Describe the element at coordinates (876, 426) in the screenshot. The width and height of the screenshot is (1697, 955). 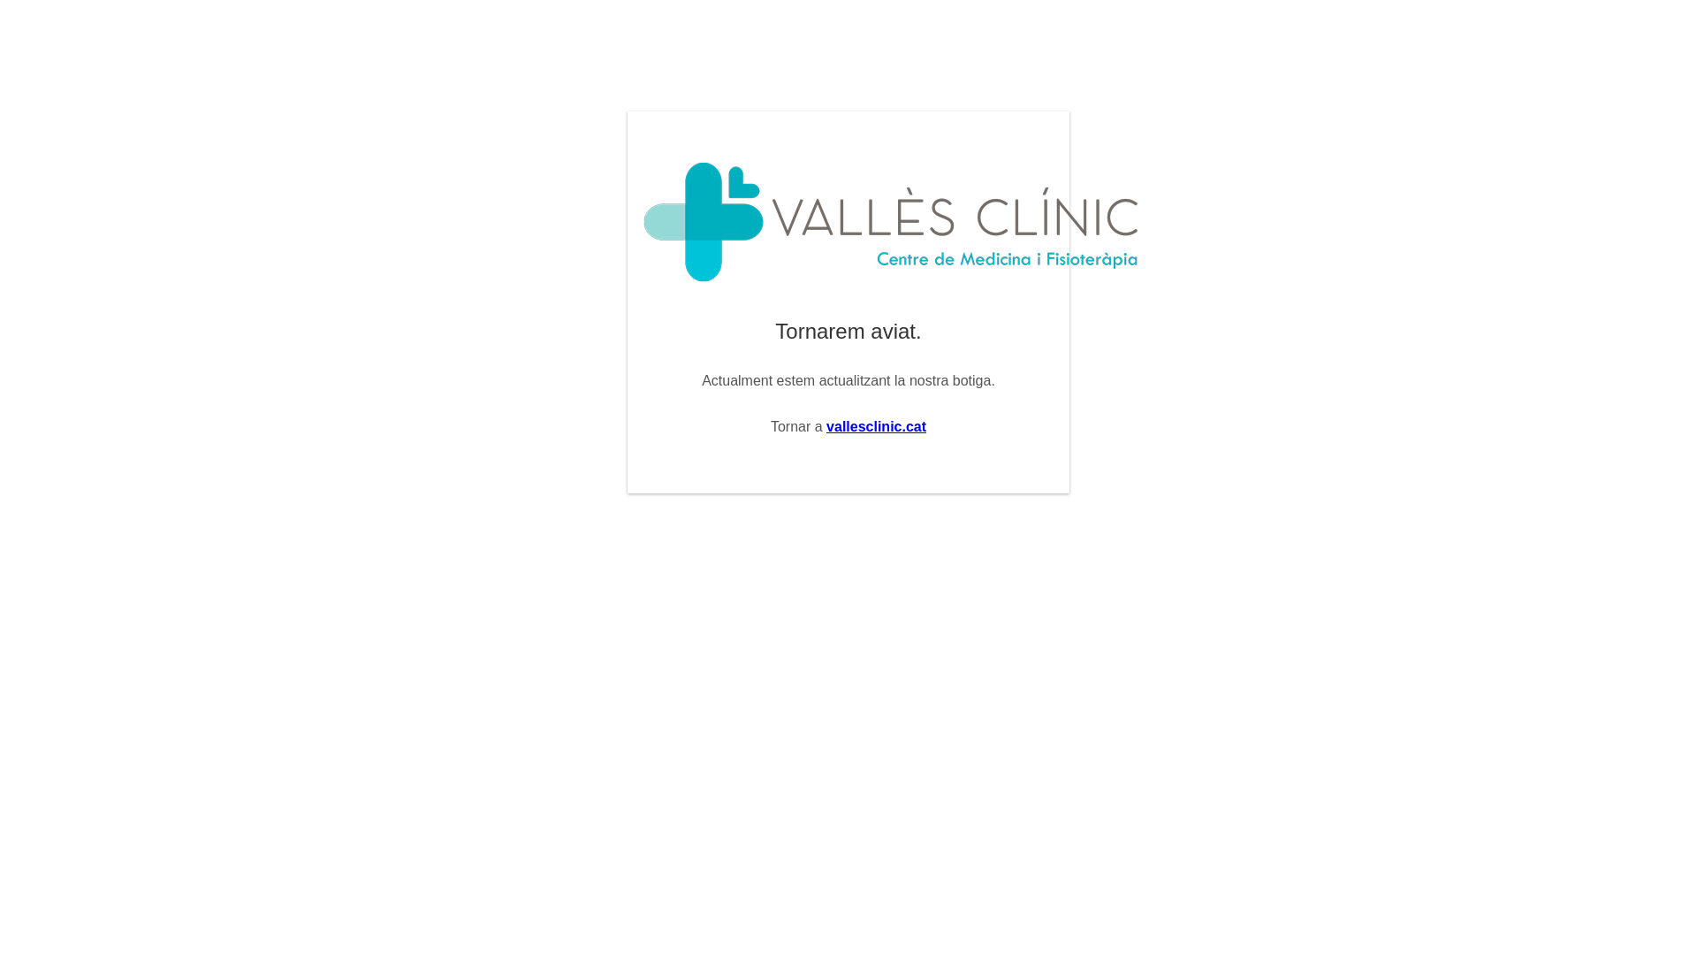
I see `'vallesclinic.cat'` at that location.